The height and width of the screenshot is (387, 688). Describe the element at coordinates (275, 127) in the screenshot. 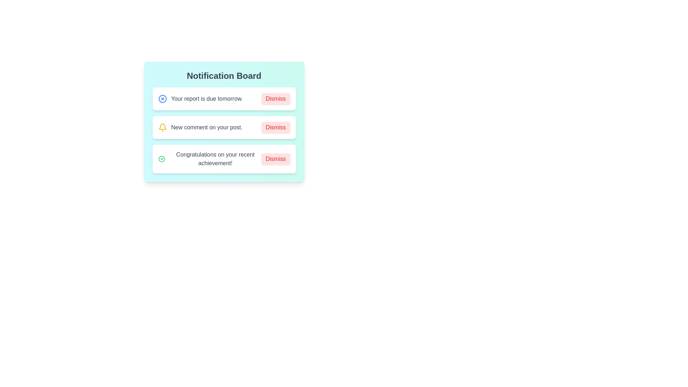

I see `'Dismiss' button for the notification with the message 'New comment on your post.'` at that location.